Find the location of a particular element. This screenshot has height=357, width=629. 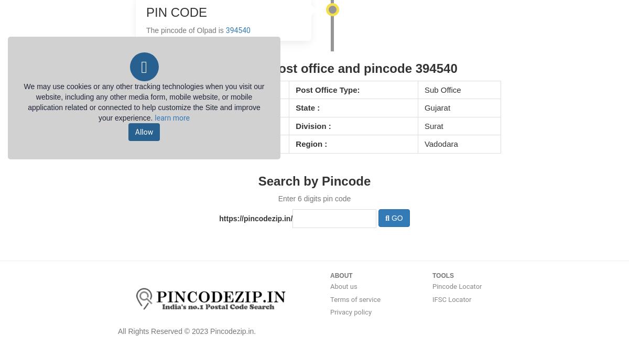

'ABOUT' is located at coordinates (341, 276).